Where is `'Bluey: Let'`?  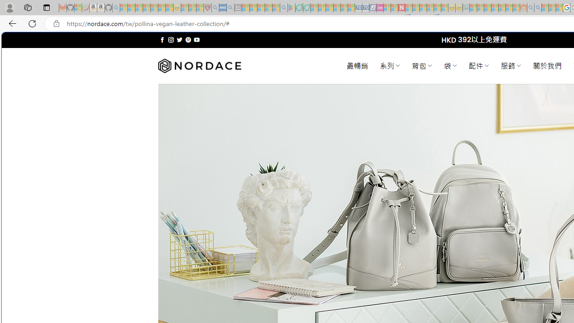 'Bluey: Let' is located at coordinates (291, 8).